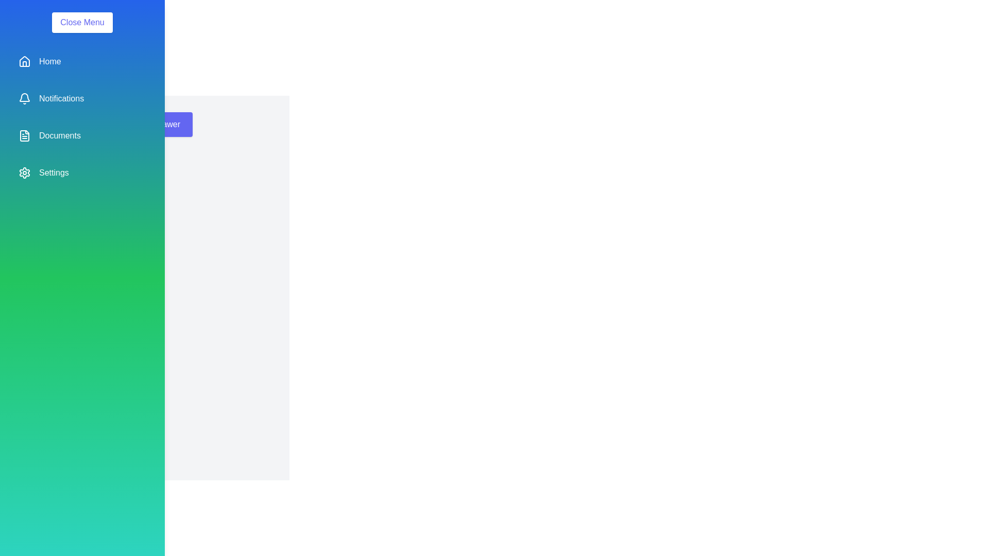 This screenshot has height=556, width=989. I want to click on the menu item Home to observe the hover effect, so click(81, 61).